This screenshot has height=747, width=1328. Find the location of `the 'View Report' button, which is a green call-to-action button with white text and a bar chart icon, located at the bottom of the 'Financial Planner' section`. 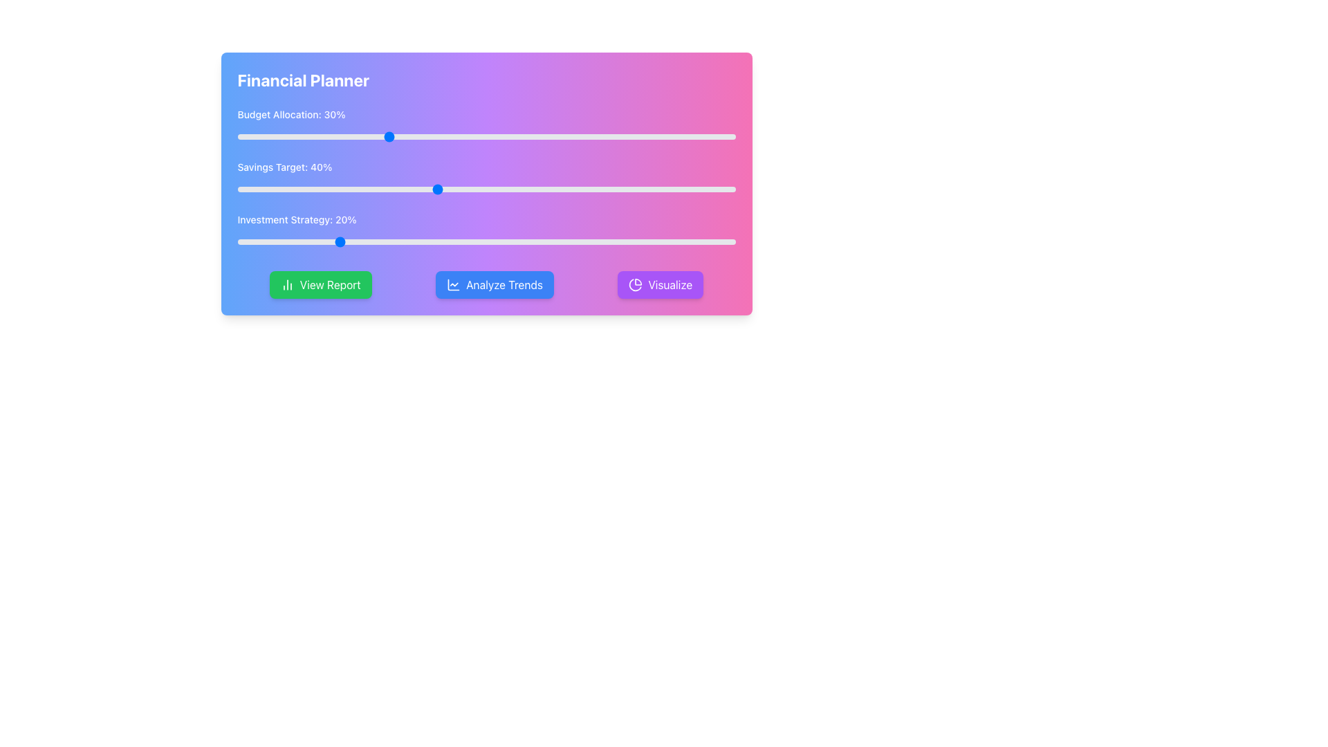

the 'View Report' button, which is a green call-to-action button with white text and a bar chart icon, located at the bottom of the 'Financial Planner' section is located at coordinates (320, 284).